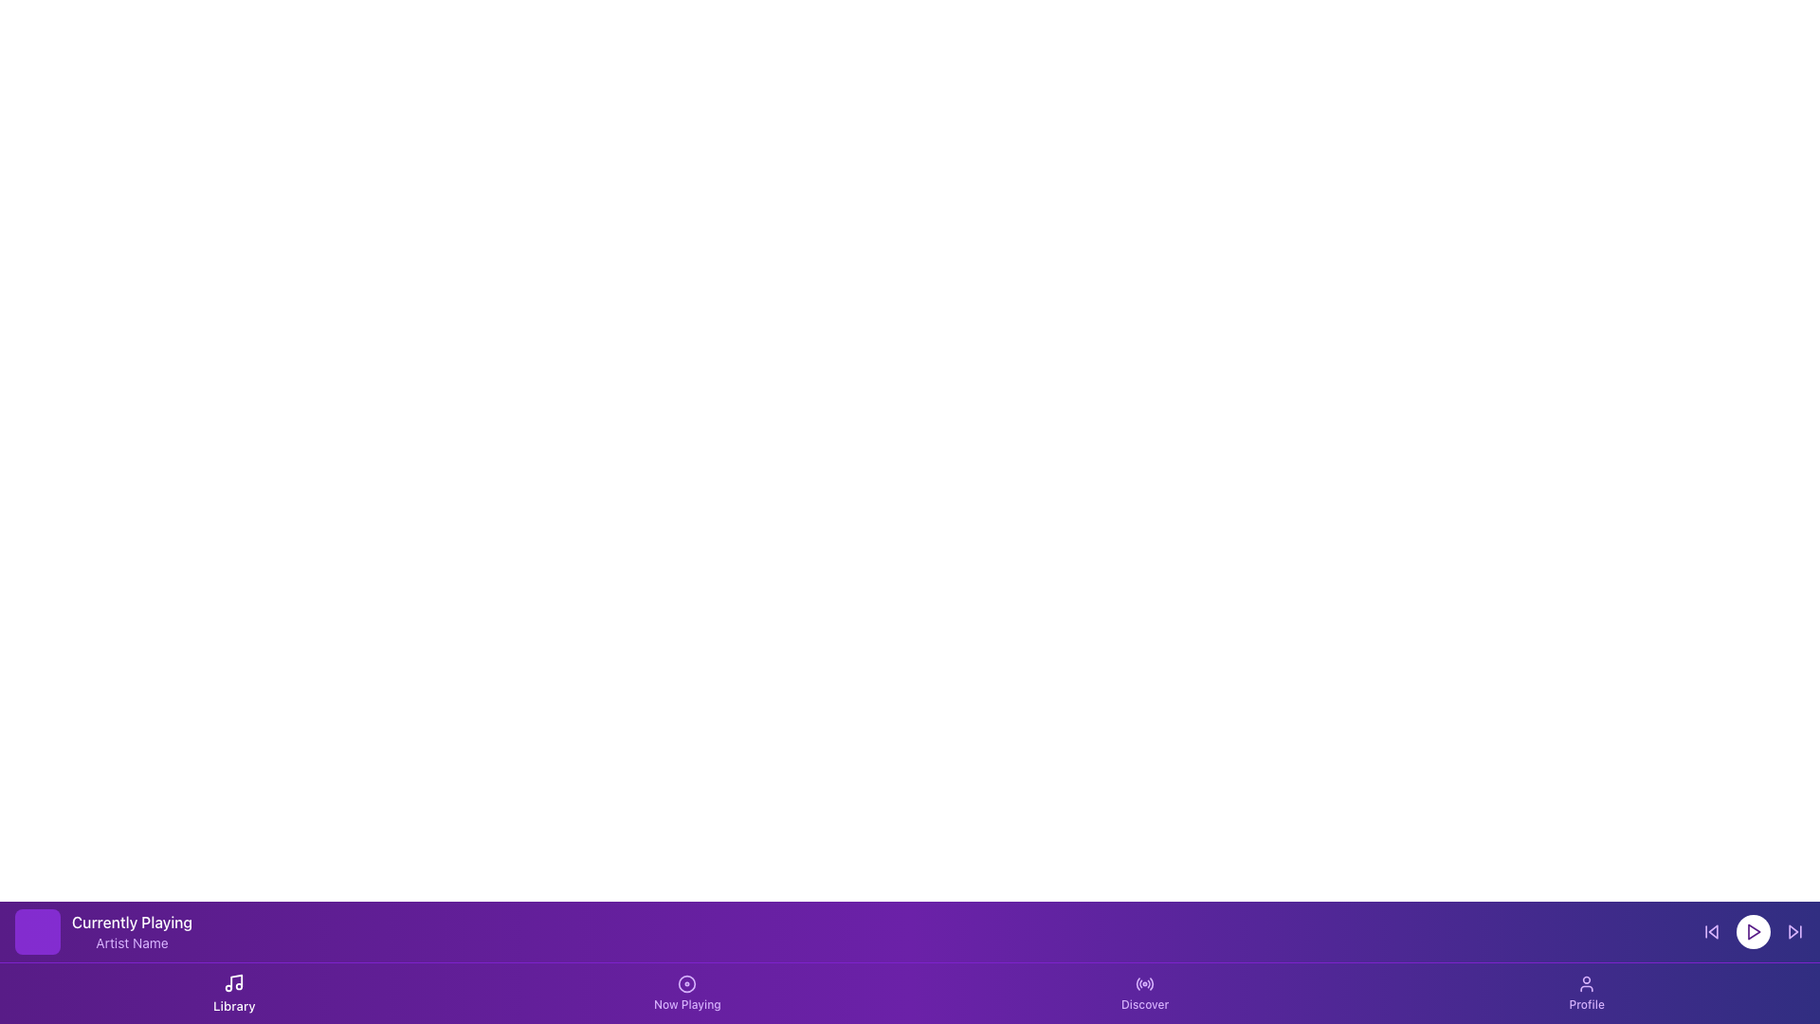  Describe the element at coordinates (686, 982) in the screenshot. I see `the center of the Circular icon representing the 'Now Playing' section in the navigation bar` at that location.